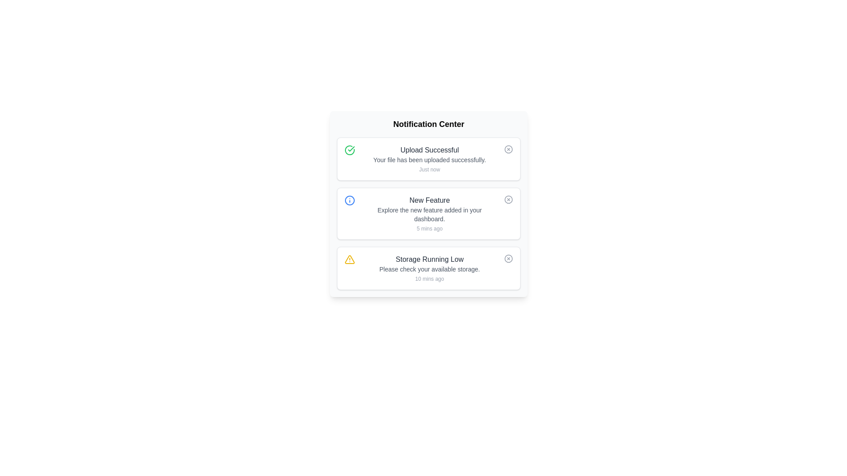 The image size is (847, 476). What do you see at coordinates (349, 149) in the screenshot?
I see `the icon indicating successful upload located in the top left corner of the 'Upload Successful' notification card, which is directly to the left of the text content` at bounding box center [349, 149].